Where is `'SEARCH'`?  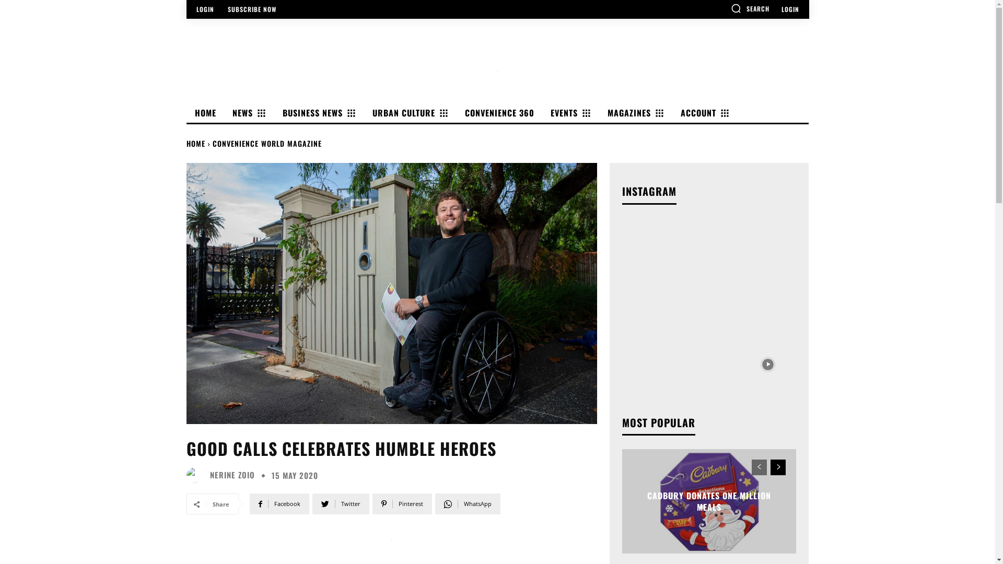
'SEARCH' is located at coordinates (749, 8).